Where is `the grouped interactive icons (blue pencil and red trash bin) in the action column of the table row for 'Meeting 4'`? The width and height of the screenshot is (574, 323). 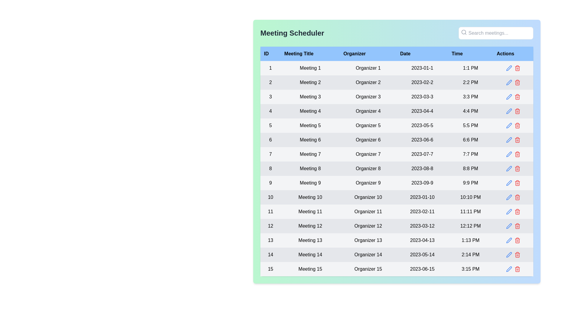 the grouped interactive icons (blue pencil and red trash bin) in the action column of the table row for 'Meeting 4' is located at coordinates (513, 111).